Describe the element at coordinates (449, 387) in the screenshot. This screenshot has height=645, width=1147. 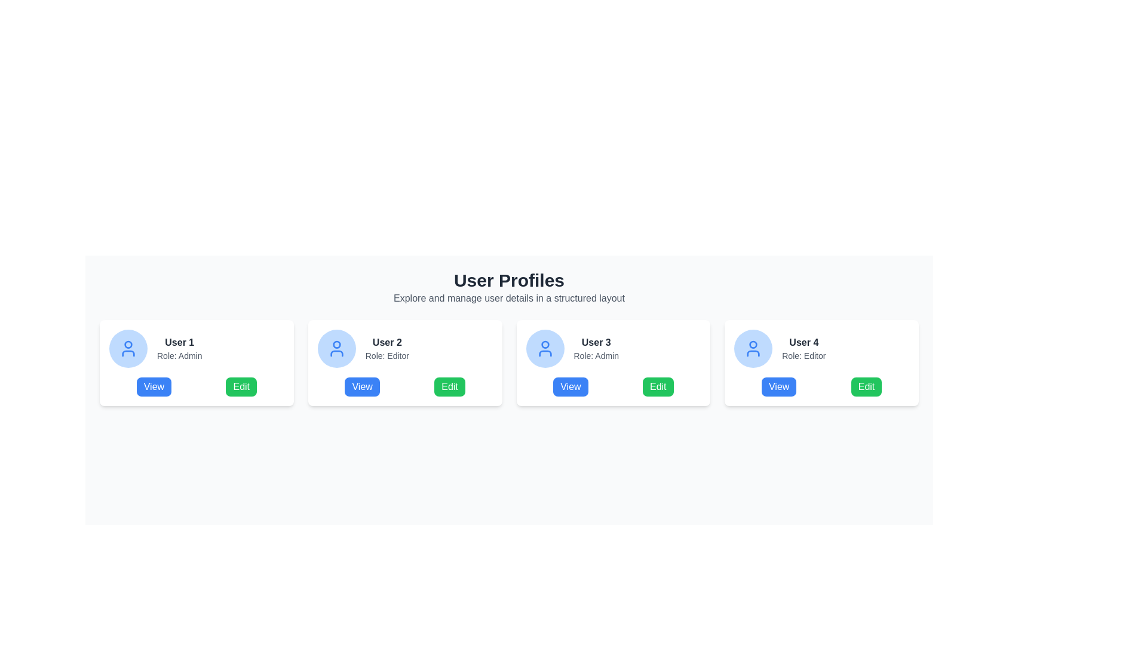
I see `the green 'Edit' button with rounded corners on User 2's profile` at that location.